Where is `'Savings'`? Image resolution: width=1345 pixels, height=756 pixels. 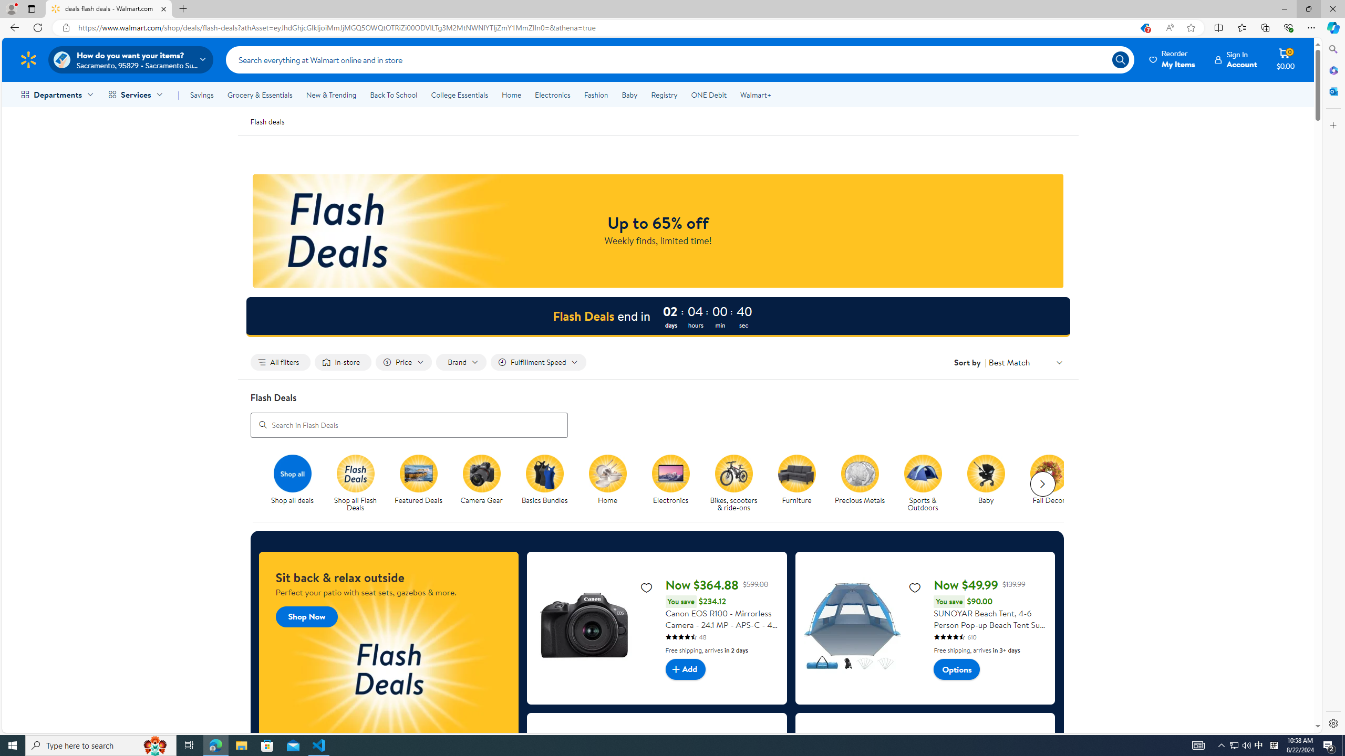 'Savings' is located at coordinates (201, 94).